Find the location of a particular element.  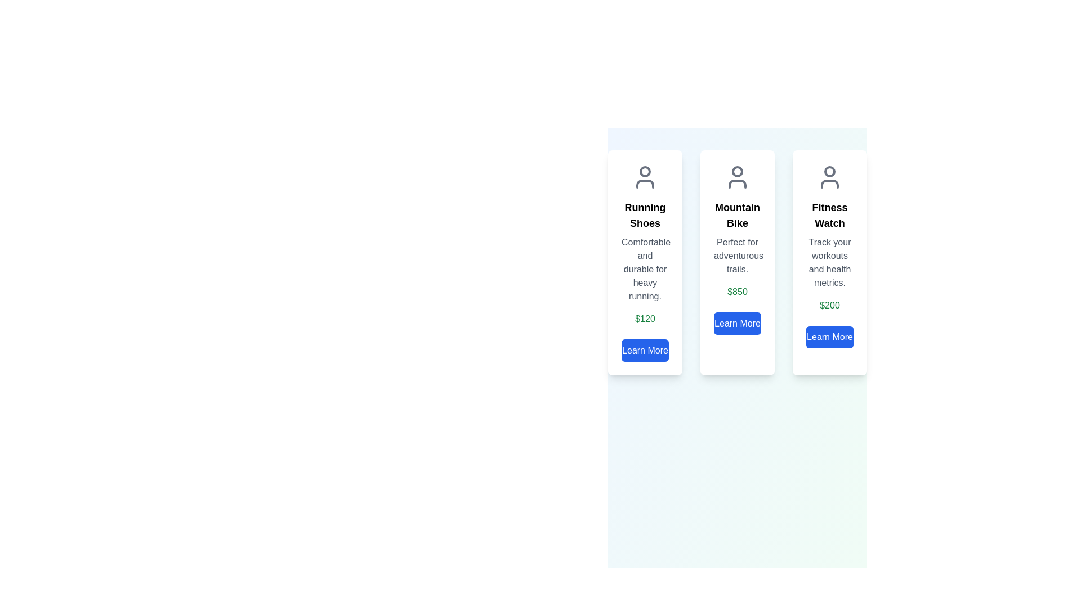

the text element providing additional details about the product 'Running Shoes' to trigger any associated tooltips or effects is located at coordinates (645, 269).